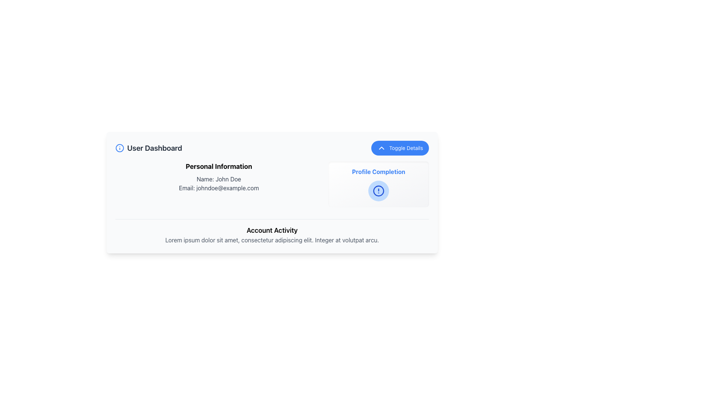  I want to click on the circular icon subcomponent located in the upper-middle area of the Profile Completion section of the dashboard, so click(120, 148).